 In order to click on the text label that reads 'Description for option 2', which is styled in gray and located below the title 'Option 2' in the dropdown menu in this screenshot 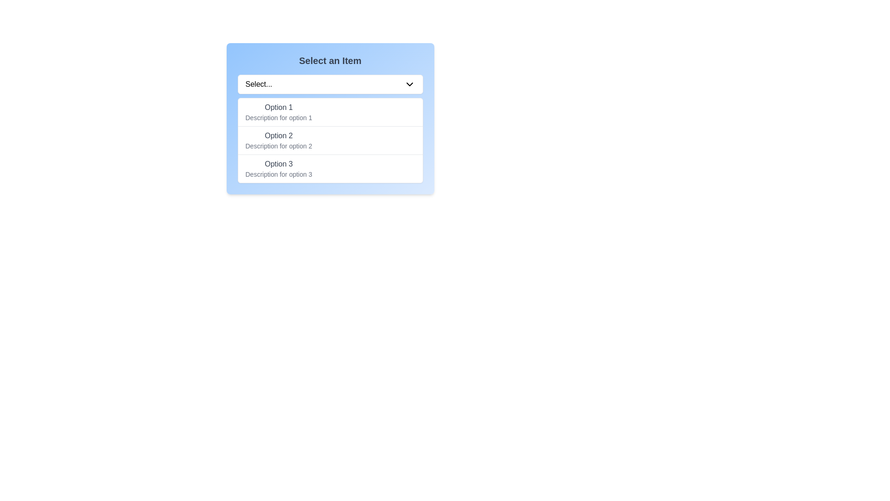, I will do `click(278, 146)`.